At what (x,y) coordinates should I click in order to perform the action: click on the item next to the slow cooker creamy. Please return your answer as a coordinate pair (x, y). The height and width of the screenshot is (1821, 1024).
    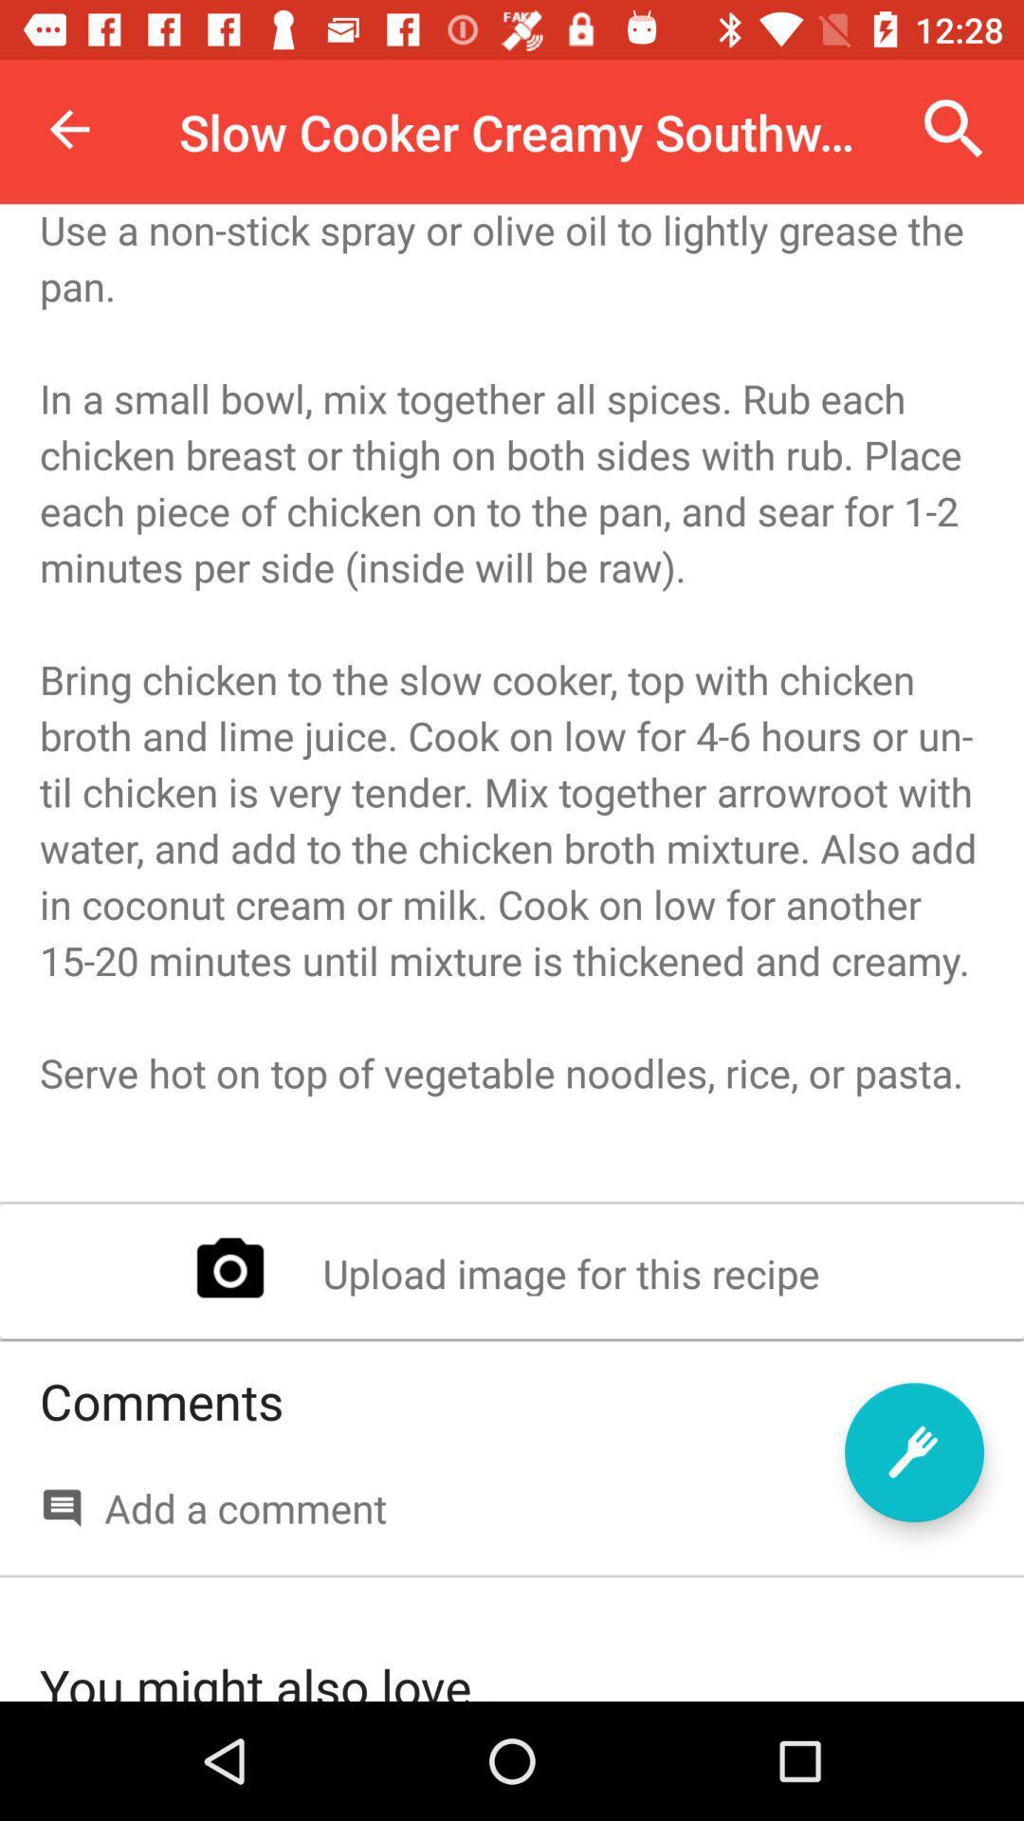
    Looking at the image, I should click on (68, 128).